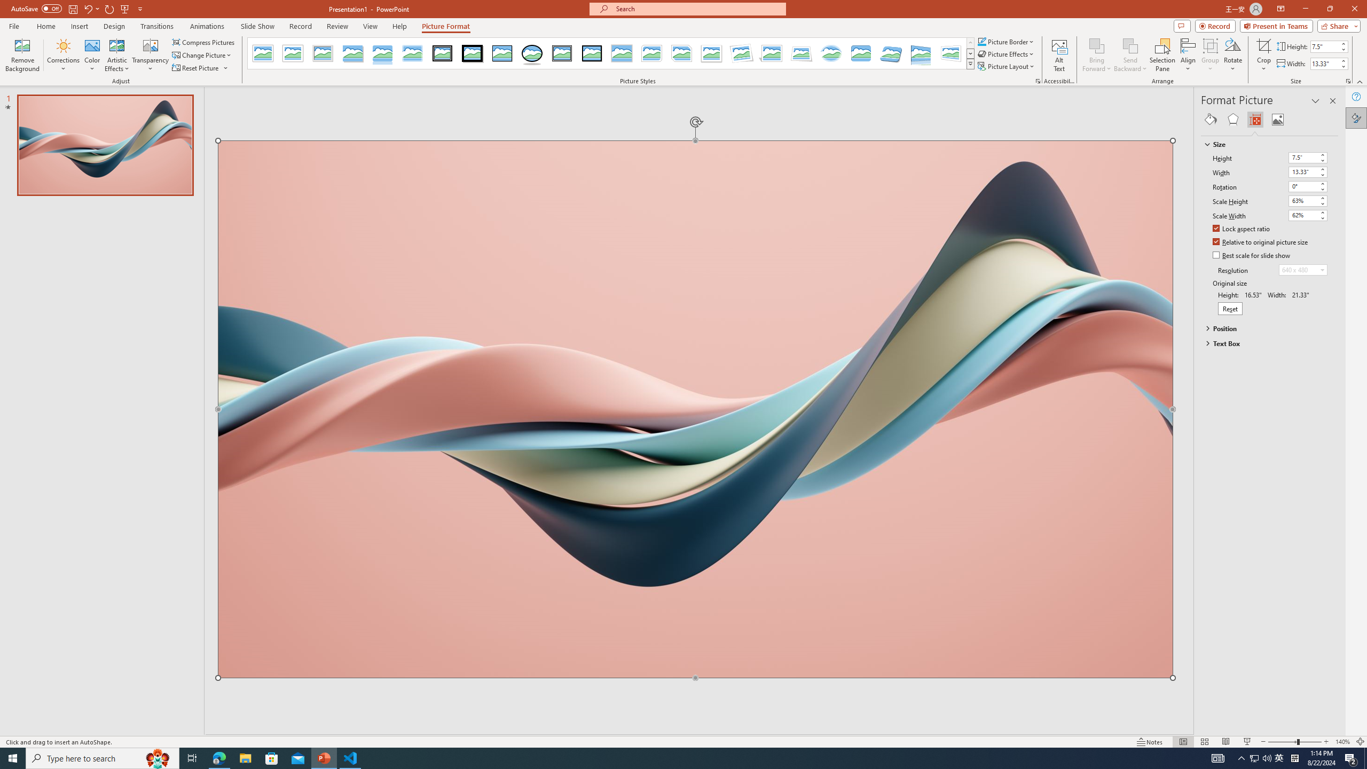 Image resolution: width=1367 pixels, height=769 pixels. Describe the element at coordinates (951, 53) in the screenshot. I see `'Bevel Perspective Left, White'` at that location.